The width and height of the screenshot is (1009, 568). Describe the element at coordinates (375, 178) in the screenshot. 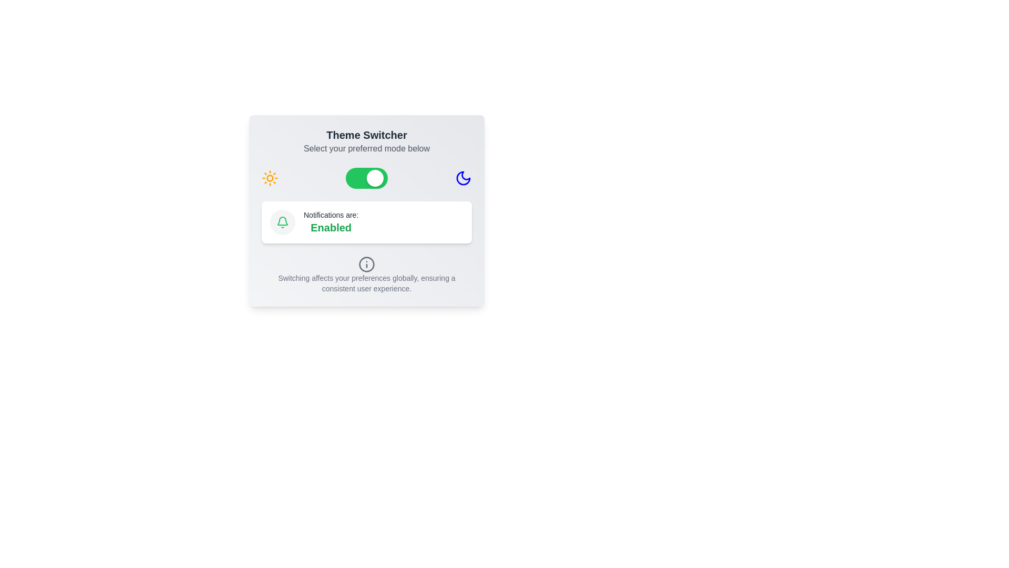

I see `the circular knob of the toggle switch located on the right end of the switch under the 'Theme Switcher' heading` at that location.